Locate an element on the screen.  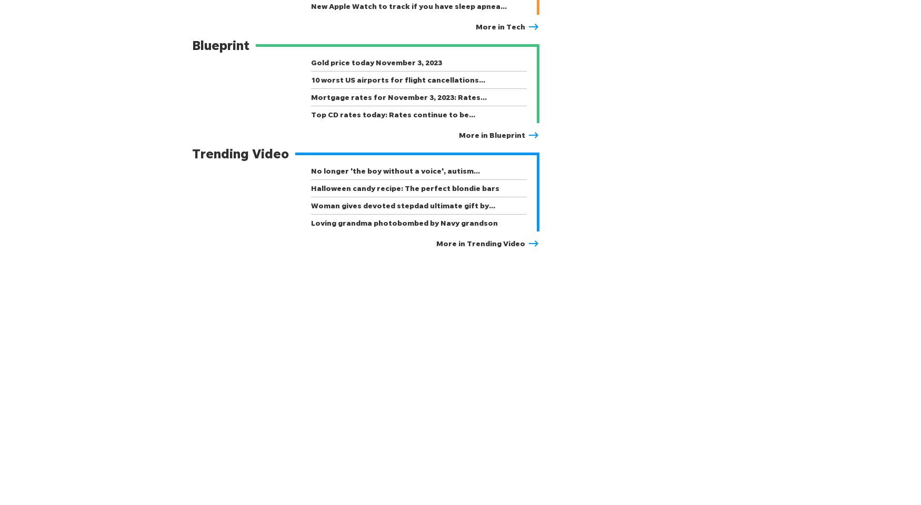
'Mortgage rates for November 3, 2023: Rates…' is located at coordinates (398, 97).